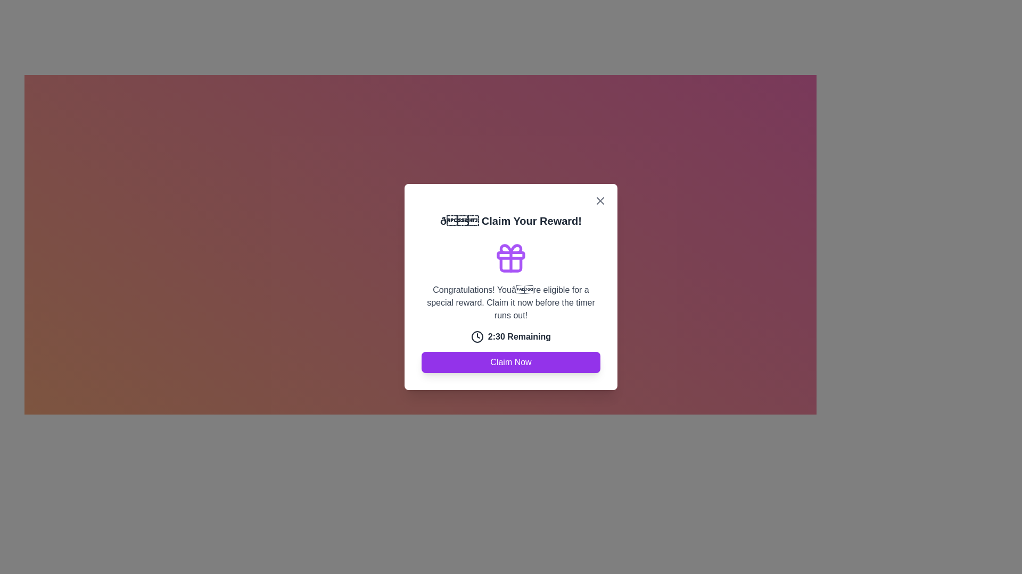 The image size is (1022, 574). I want to click on the Text Label with Icon displaying '2:30 Remaining' which is located in the lower half of the modal dialog box, directly below a textual message and above the 'Claim Now' button, so click(511, 336).